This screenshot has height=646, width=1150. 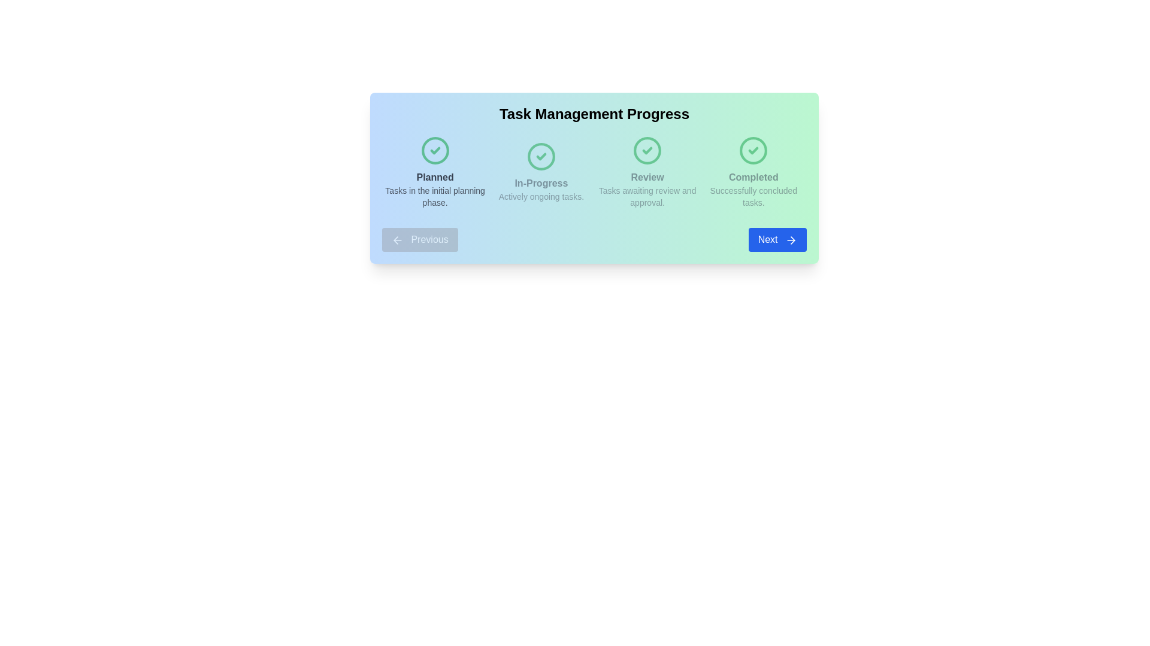 I want to click on the stage corresponding to Completed, so click(x=753, y=172).